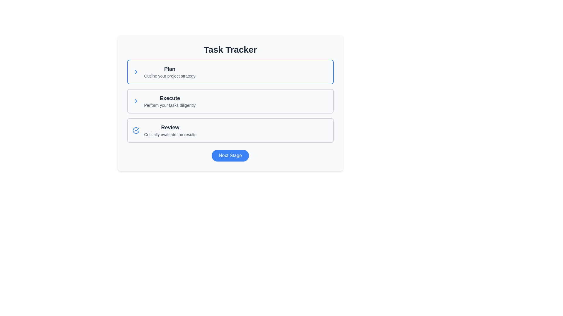 This screenshot has width=563, height=316. I want to click on the 'Execute' step card in the task tracker process, which is the second card in a vertical stack of three cards, located below the 'Plan' card and above the 'Review' card, so click(230, 102).